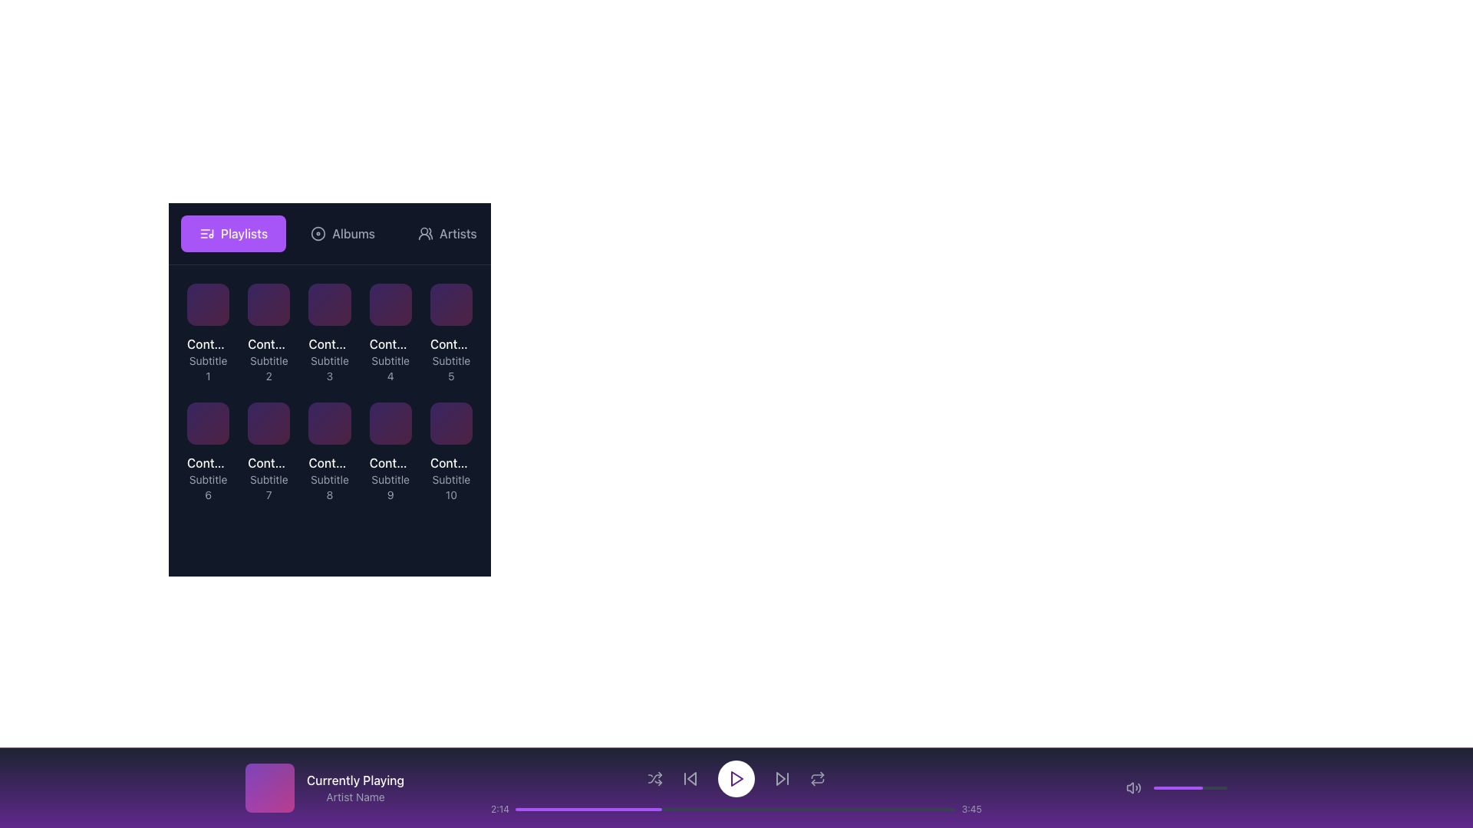 The height and width of the screenshot is (828, 1473). I want to click on the triangular media control icon, so click(780, 778).